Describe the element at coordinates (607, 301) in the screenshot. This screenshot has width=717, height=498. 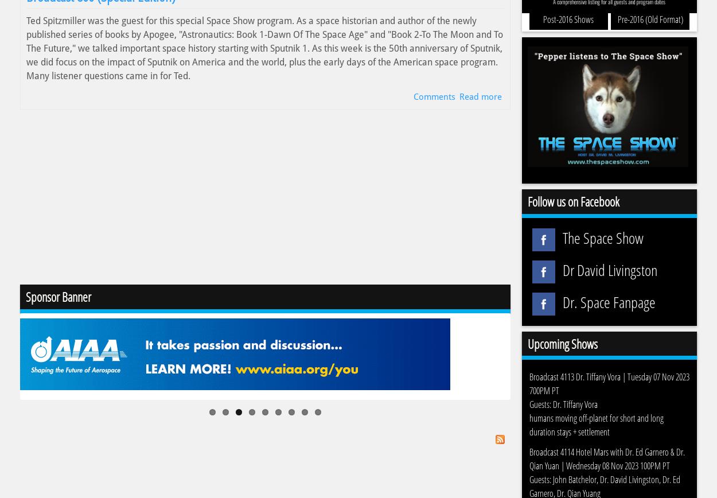
I see `'Dr. Space Fanpage'` at that location.